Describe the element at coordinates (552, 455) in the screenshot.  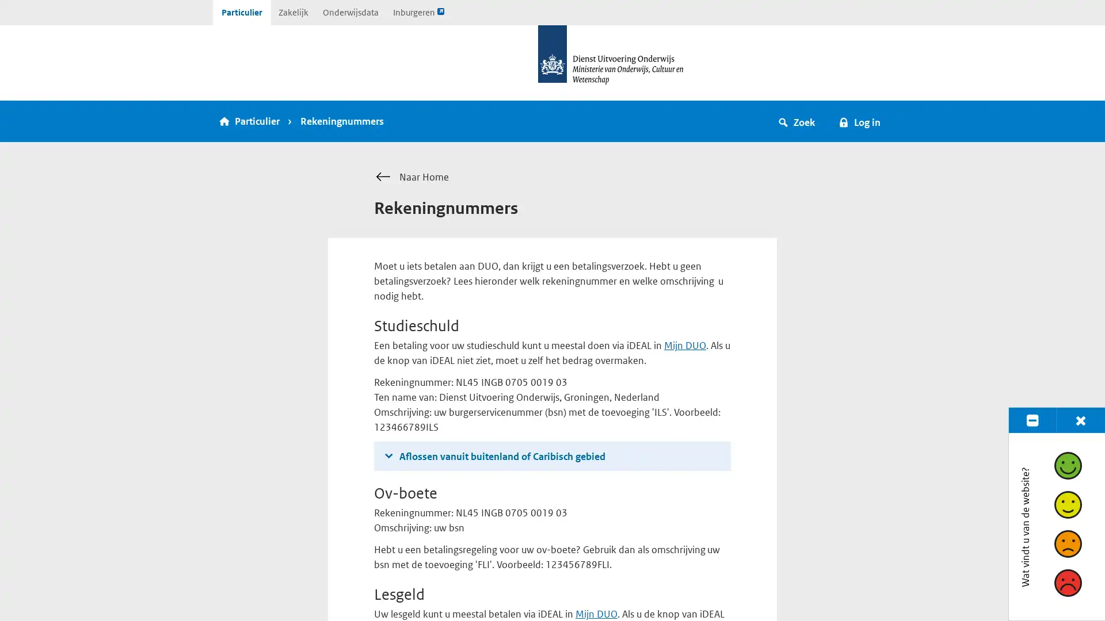
I see `Aflossen vanuit buitenland of Caribisch gebied` at that location.